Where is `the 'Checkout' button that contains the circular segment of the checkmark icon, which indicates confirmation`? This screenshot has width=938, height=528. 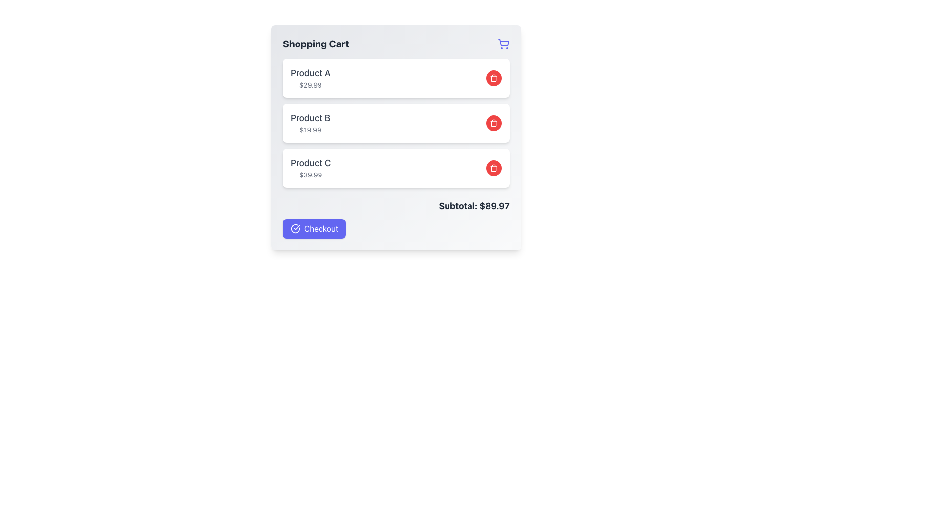 the 'Checkout' button that contains the circular segment of the checkmark icon, which indicates confirmation is located at coordinates (295, 228).